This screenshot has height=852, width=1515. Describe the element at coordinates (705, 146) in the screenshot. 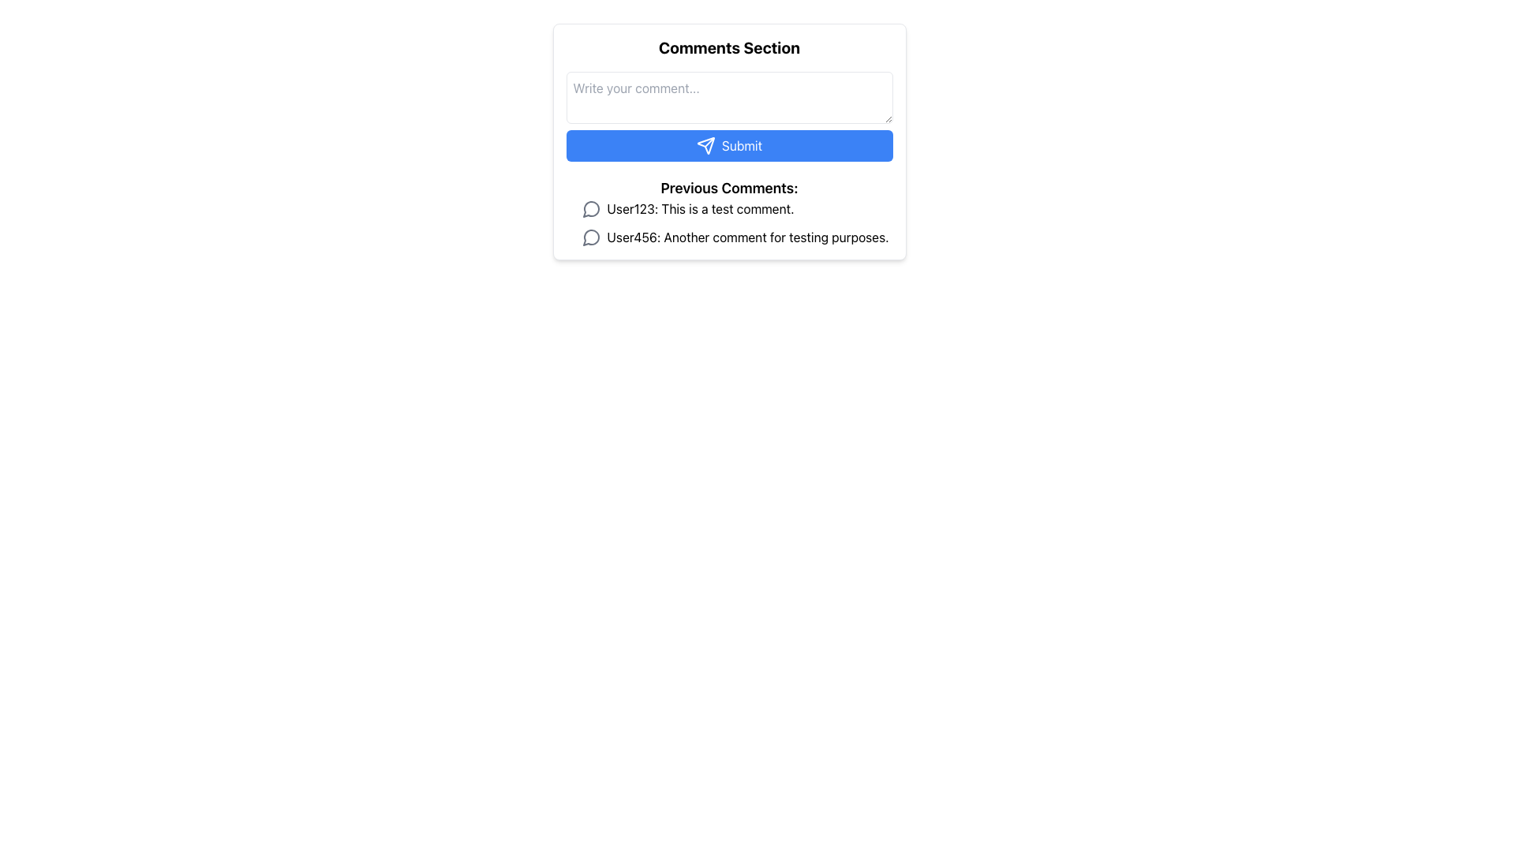

I see `the triangular-shaped icon within the 'Submit' button` at that location.